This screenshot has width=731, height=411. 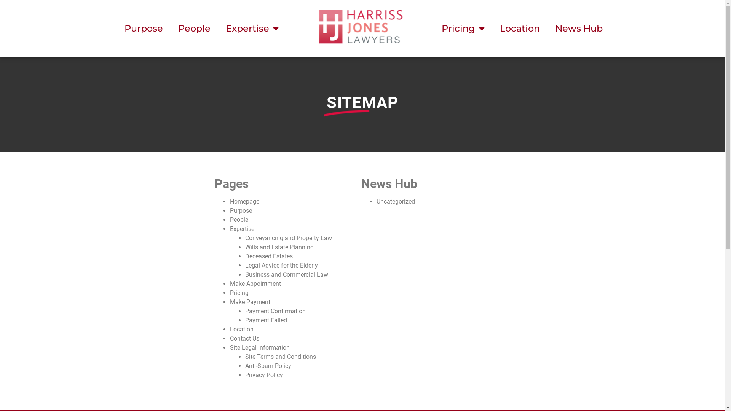 I want to click on 'Make Appointment', so click(x=255, y=284).